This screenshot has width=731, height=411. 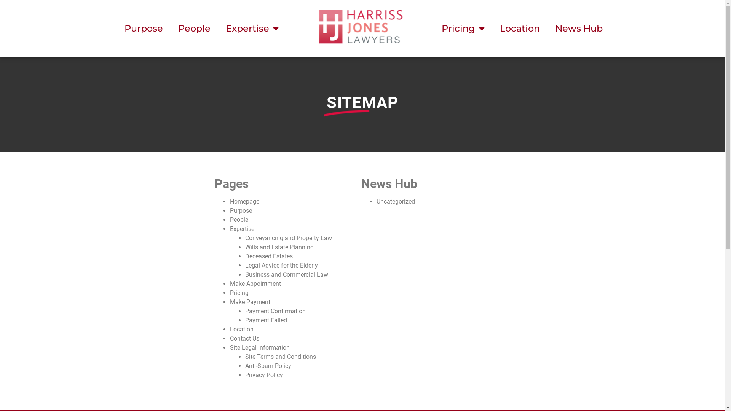 I want to click on 'Make Appointment', so click(x=255, y=284).